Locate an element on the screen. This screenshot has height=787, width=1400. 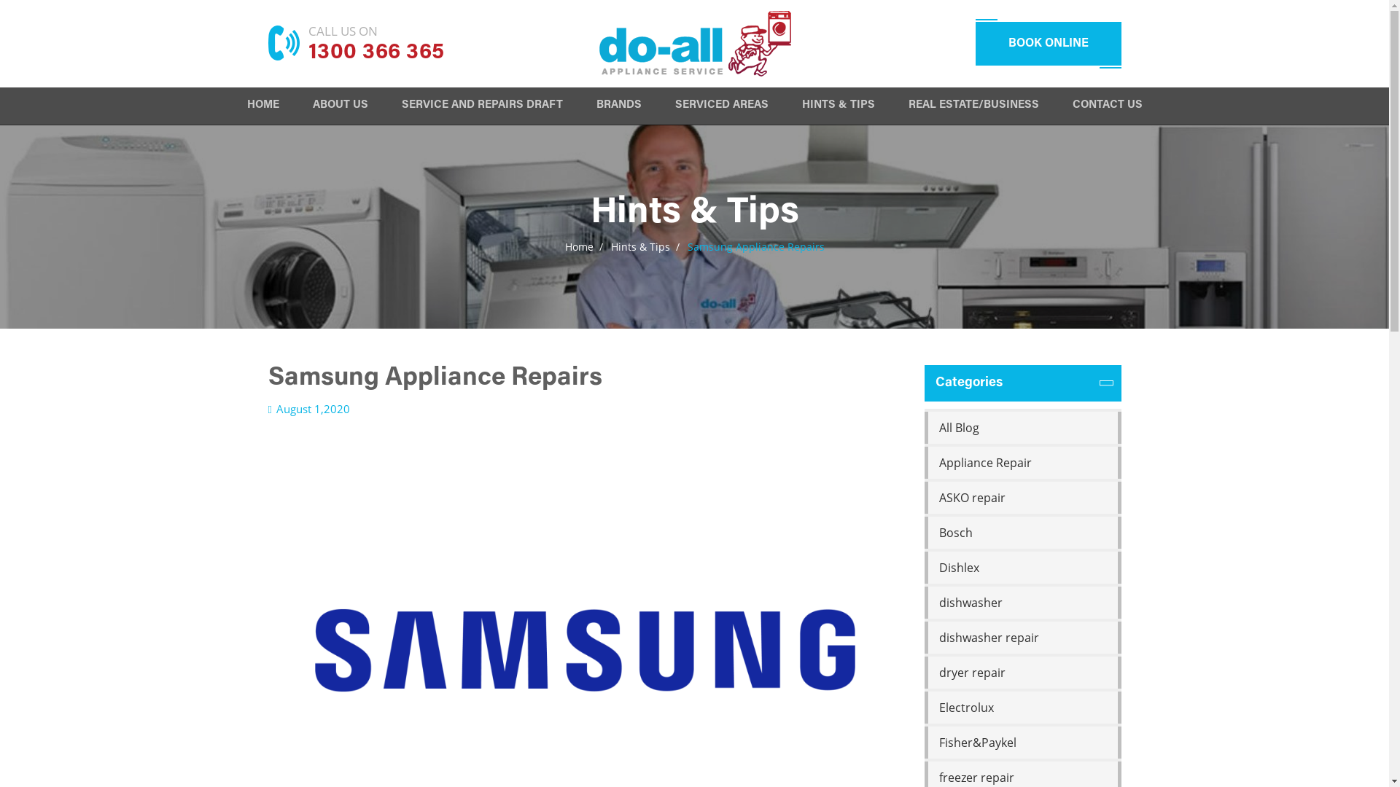
'dishwasher' is located at coordinates (1022, 602).